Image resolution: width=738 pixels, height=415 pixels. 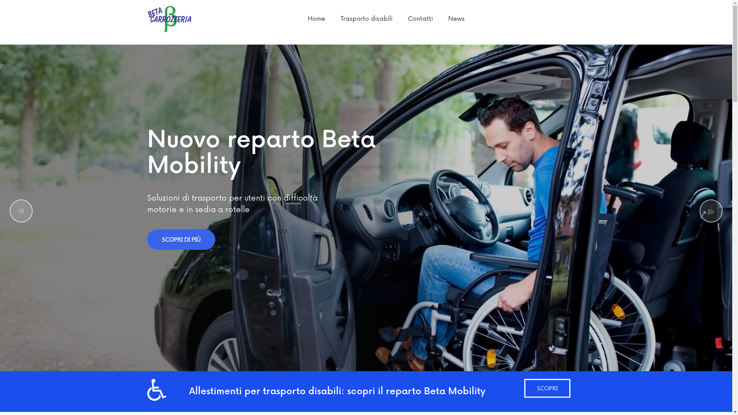 What do you see at coordinates (524, 388) in the screenshot?
I see `'SCOPRI'` at bounding box center [524, 388].